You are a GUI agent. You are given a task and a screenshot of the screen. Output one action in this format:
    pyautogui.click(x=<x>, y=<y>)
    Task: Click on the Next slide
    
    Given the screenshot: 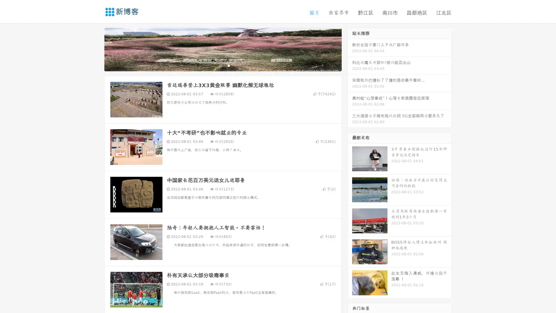 What is the action you would take?
    pyautogui.click(x=350, y=49)
    